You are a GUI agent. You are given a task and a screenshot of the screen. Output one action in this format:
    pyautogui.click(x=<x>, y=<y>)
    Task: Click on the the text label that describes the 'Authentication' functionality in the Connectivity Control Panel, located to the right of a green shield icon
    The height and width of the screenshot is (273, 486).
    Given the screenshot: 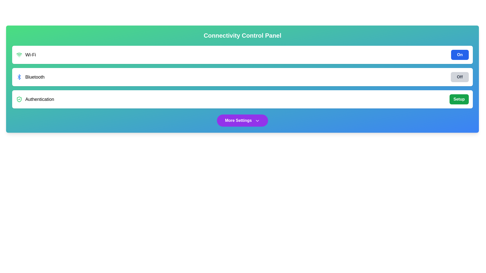 What is the action you would take?
    pyautogui.click(x=39, y=99)
    